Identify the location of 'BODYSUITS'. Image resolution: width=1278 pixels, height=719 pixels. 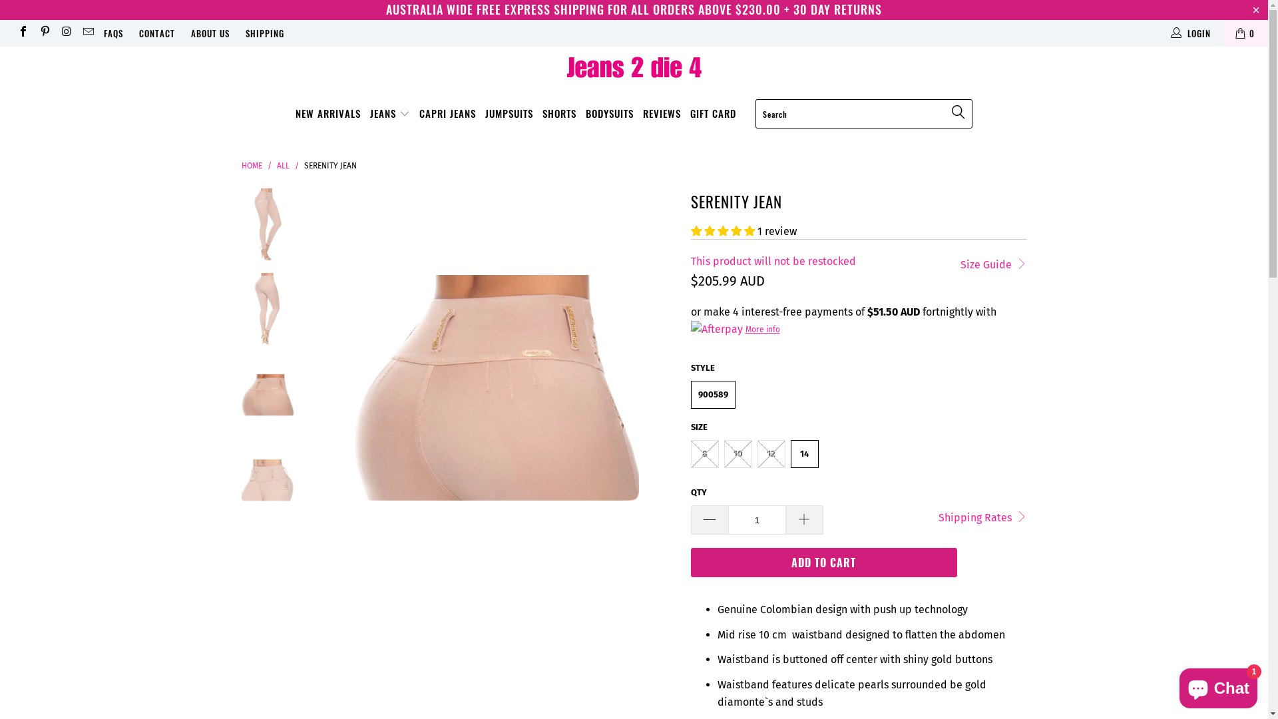
(609, 113).